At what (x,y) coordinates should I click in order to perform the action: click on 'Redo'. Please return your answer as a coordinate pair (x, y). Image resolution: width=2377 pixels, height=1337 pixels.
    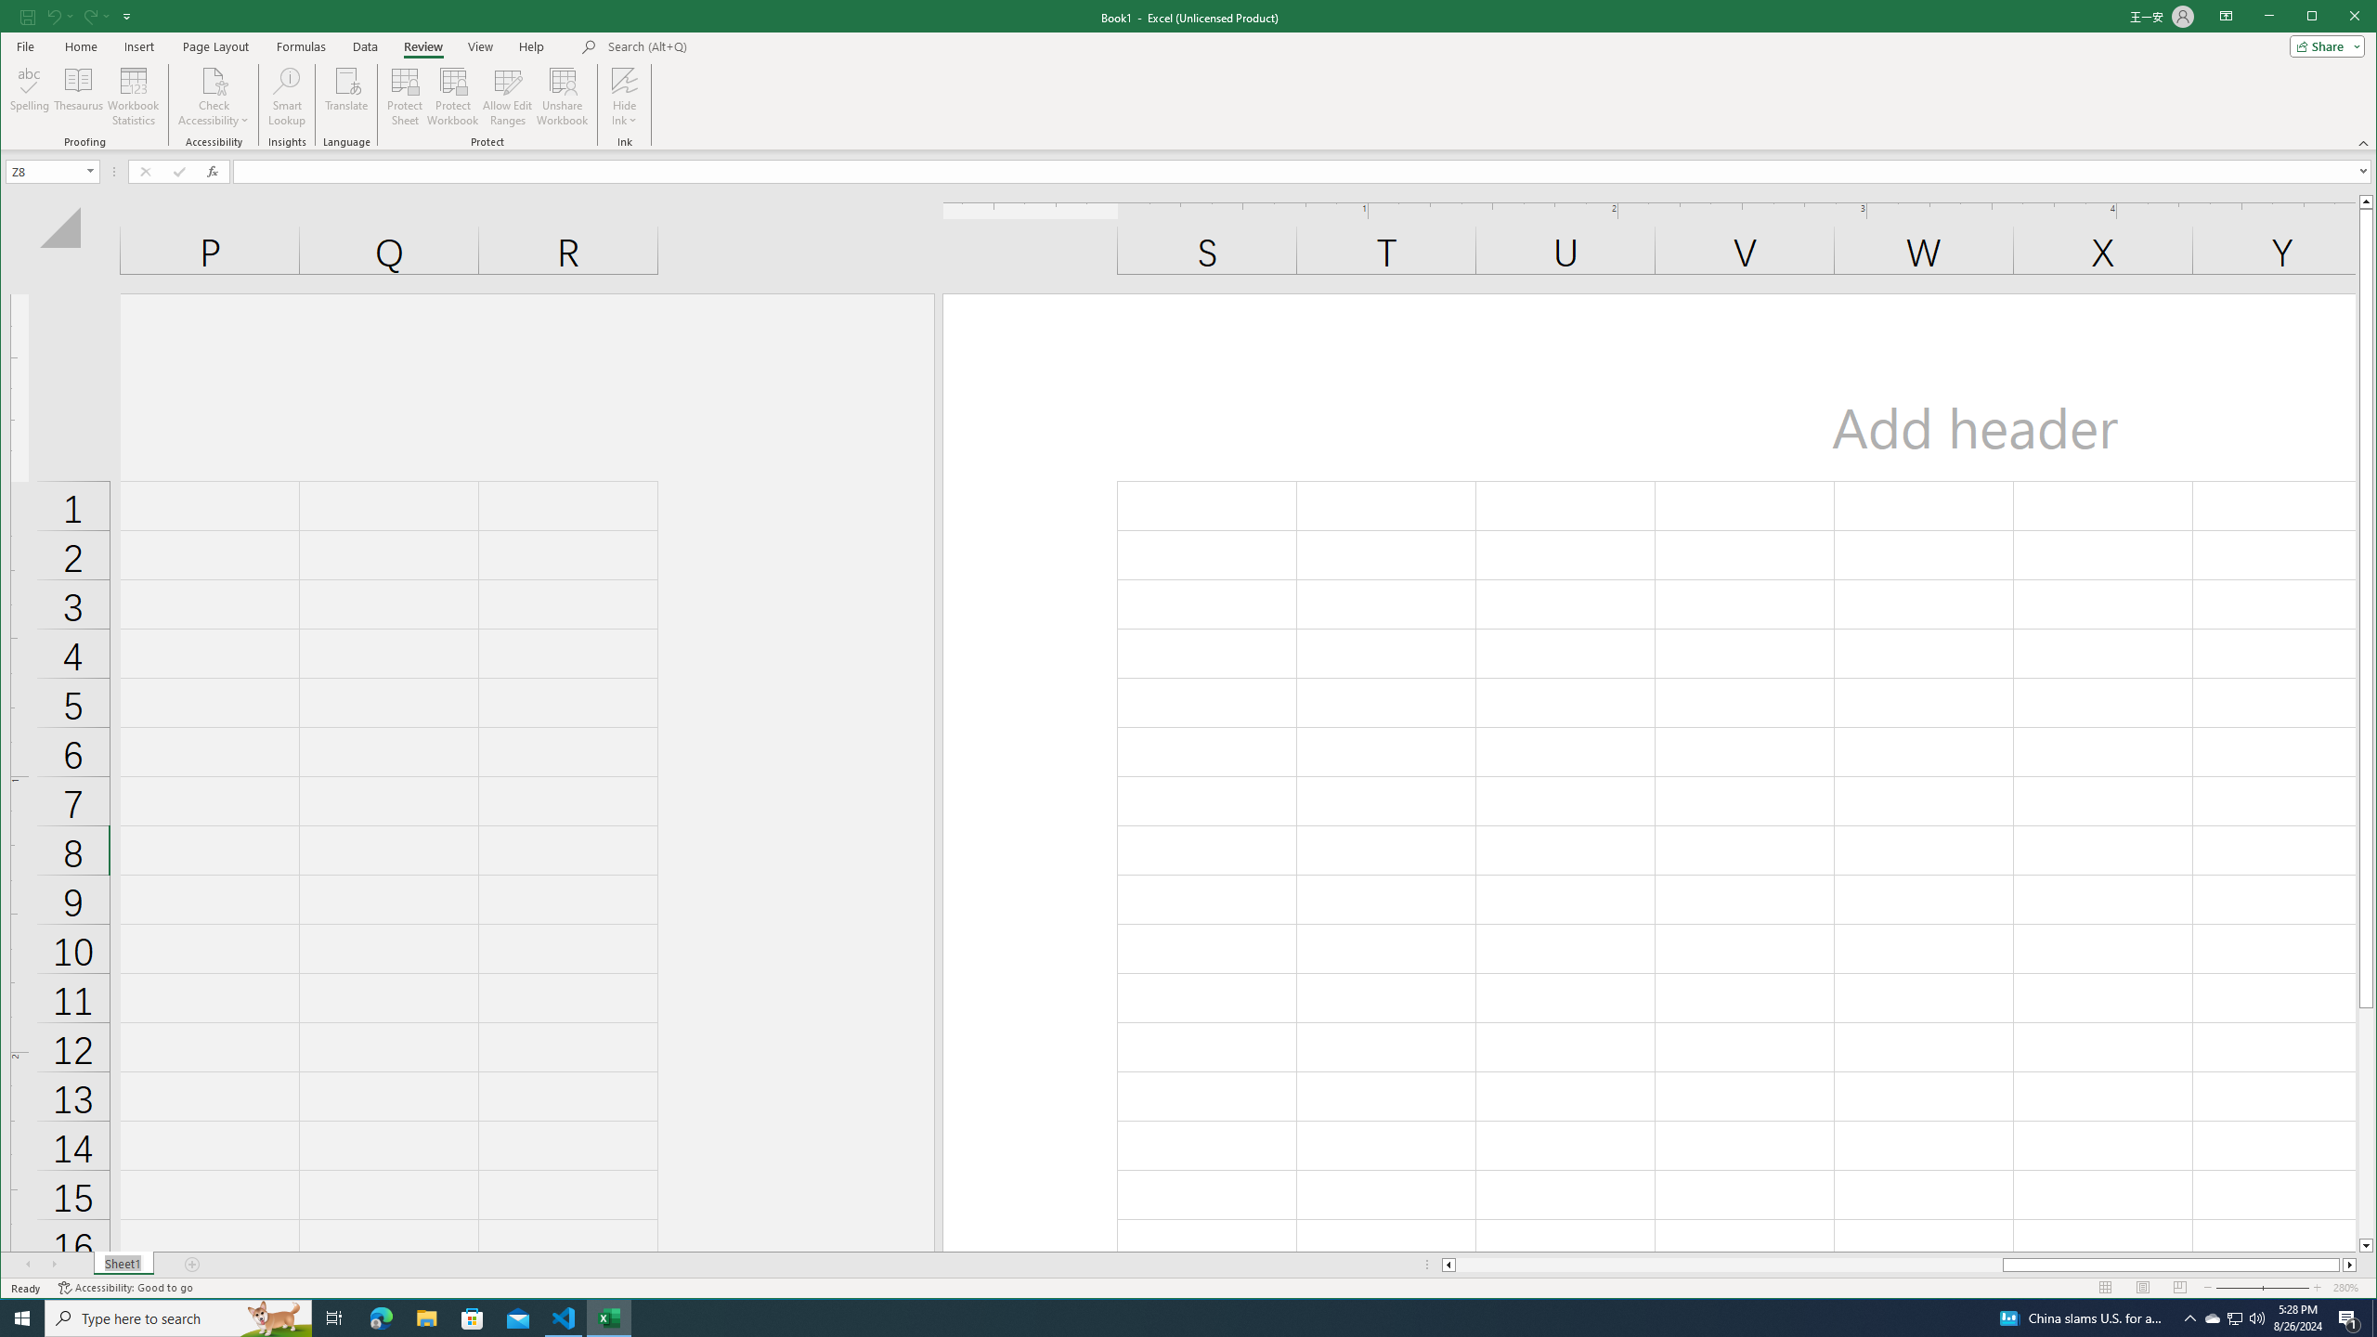
    Looking at the image, I should click on (90, 15).